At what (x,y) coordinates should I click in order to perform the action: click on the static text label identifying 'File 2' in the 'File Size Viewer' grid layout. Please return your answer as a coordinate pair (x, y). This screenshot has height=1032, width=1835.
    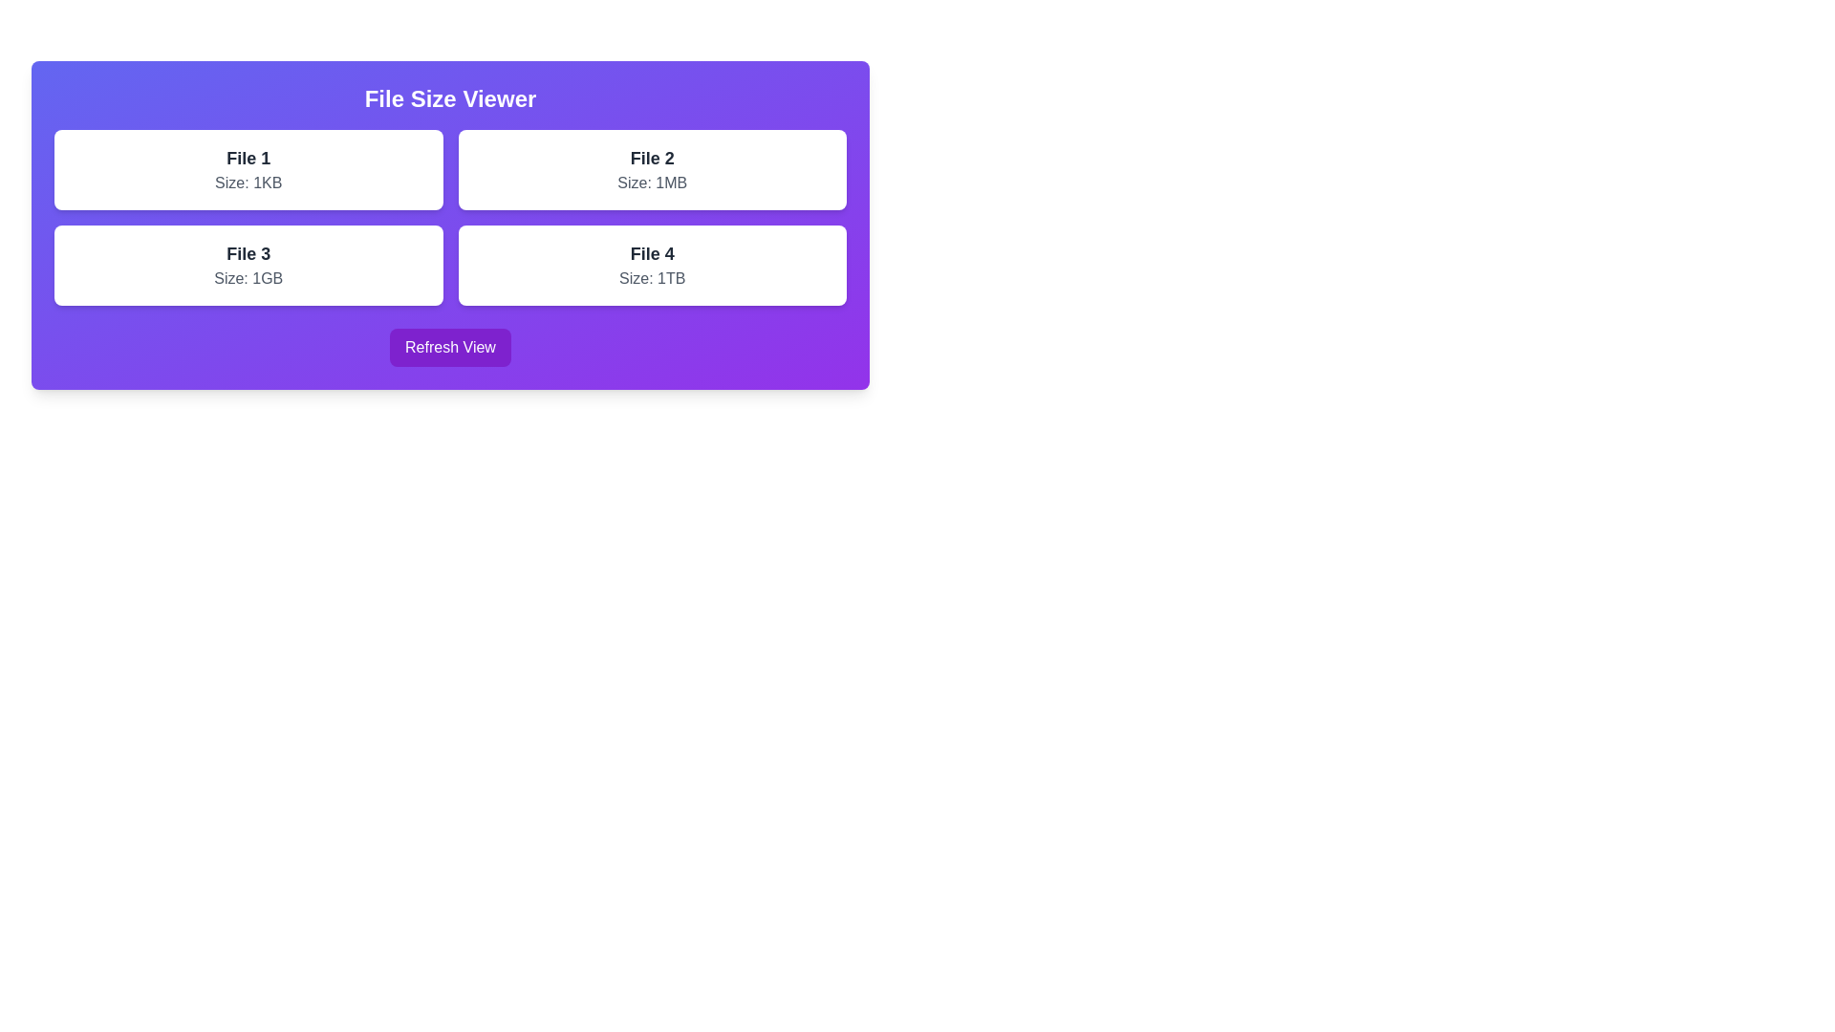
    Looking at the image, I should click on (652, 157).